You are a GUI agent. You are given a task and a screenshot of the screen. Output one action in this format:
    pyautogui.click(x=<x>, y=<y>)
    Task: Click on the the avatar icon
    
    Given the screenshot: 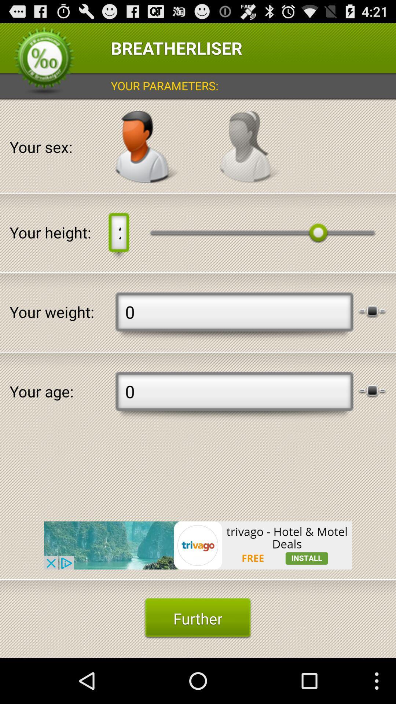 What is the action you would take?
    pyautogui.click(x=147, y=157)
    